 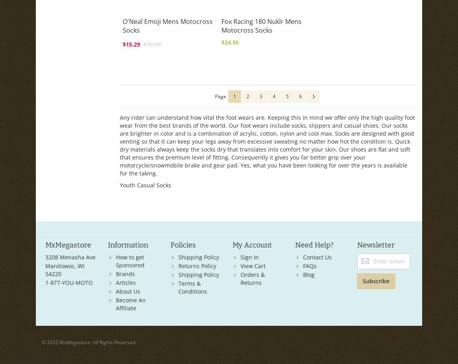 I want to click on 'Page', so click(x=220, y=96).